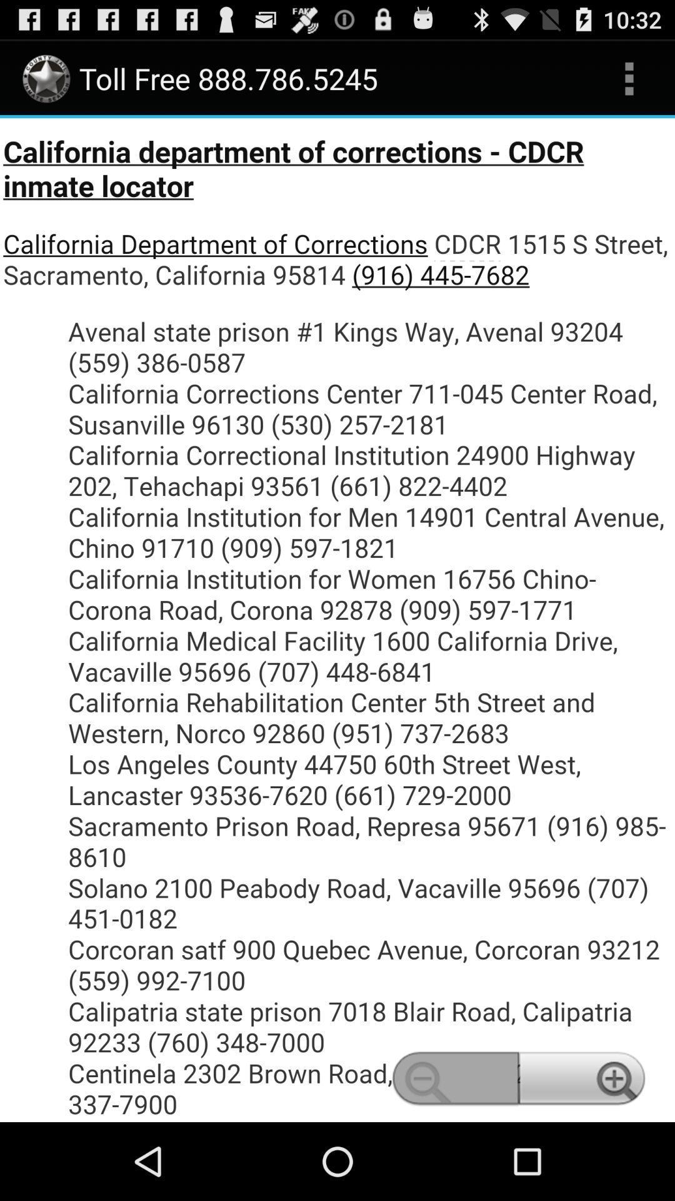  Describe the element at coordinates (337, 620) in the screenshot. I see `seen the paragraph` at that location.